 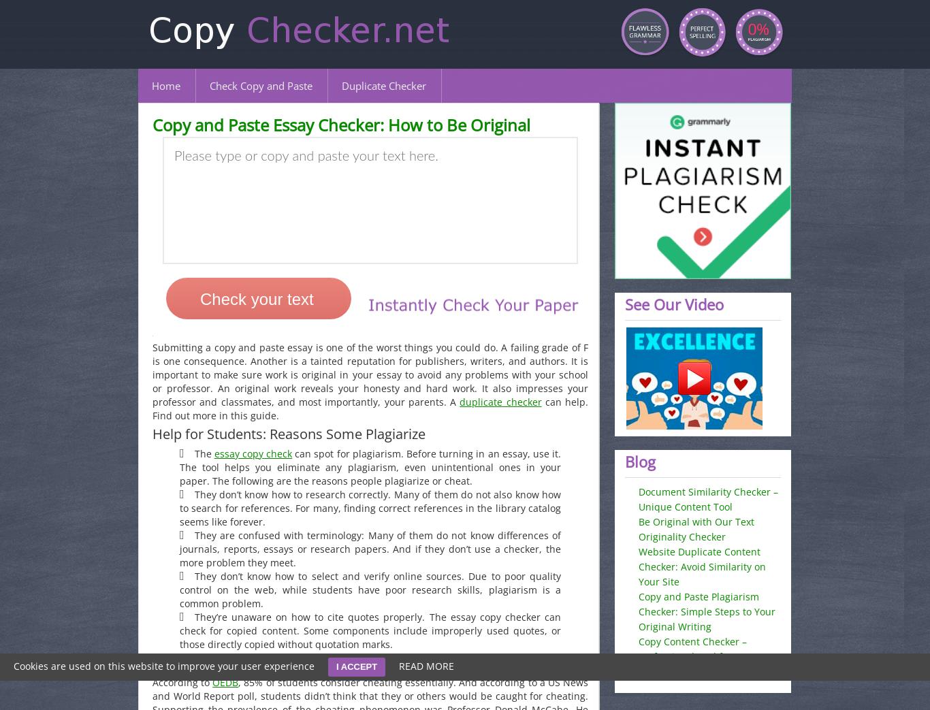 What do you see at coordinates (674, 304) in the screenshot?
I see `'See Our Video'` at bounding box center [674, 304].